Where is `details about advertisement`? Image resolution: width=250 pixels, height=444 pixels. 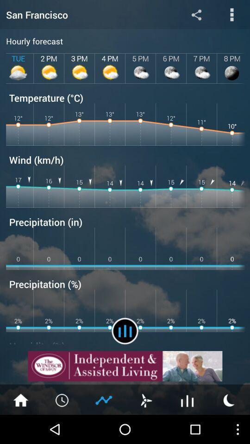 details about advertisement is located at coordinates (125, 366).